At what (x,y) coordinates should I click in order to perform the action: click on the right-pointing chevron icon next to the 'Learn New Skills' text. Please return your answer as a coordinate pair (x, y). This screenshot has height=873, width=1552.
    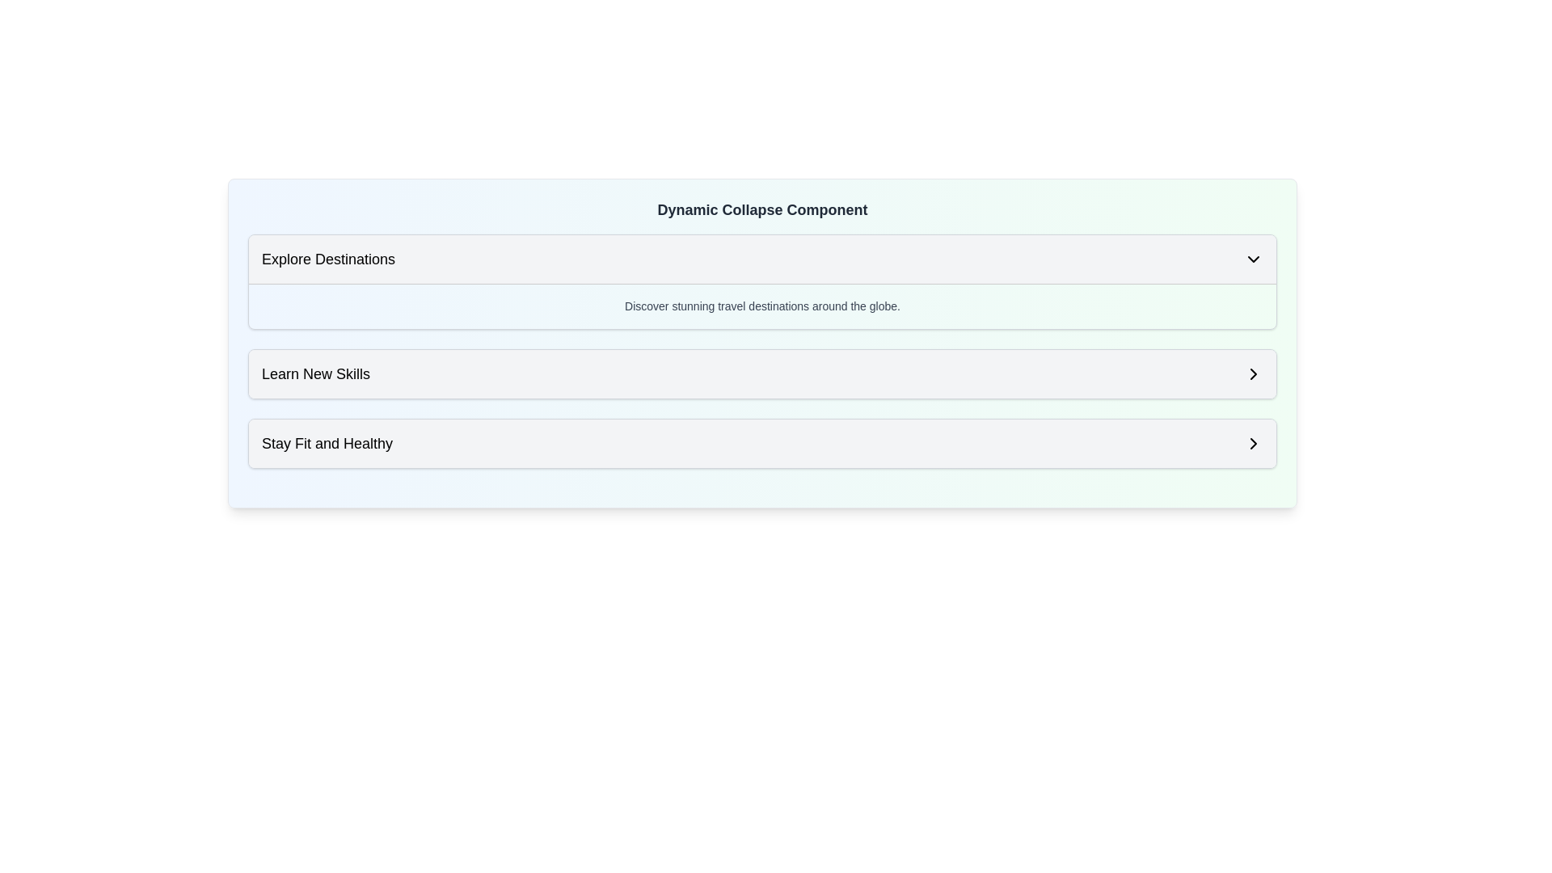
    Looking at the image, I should click on (1252, 373).